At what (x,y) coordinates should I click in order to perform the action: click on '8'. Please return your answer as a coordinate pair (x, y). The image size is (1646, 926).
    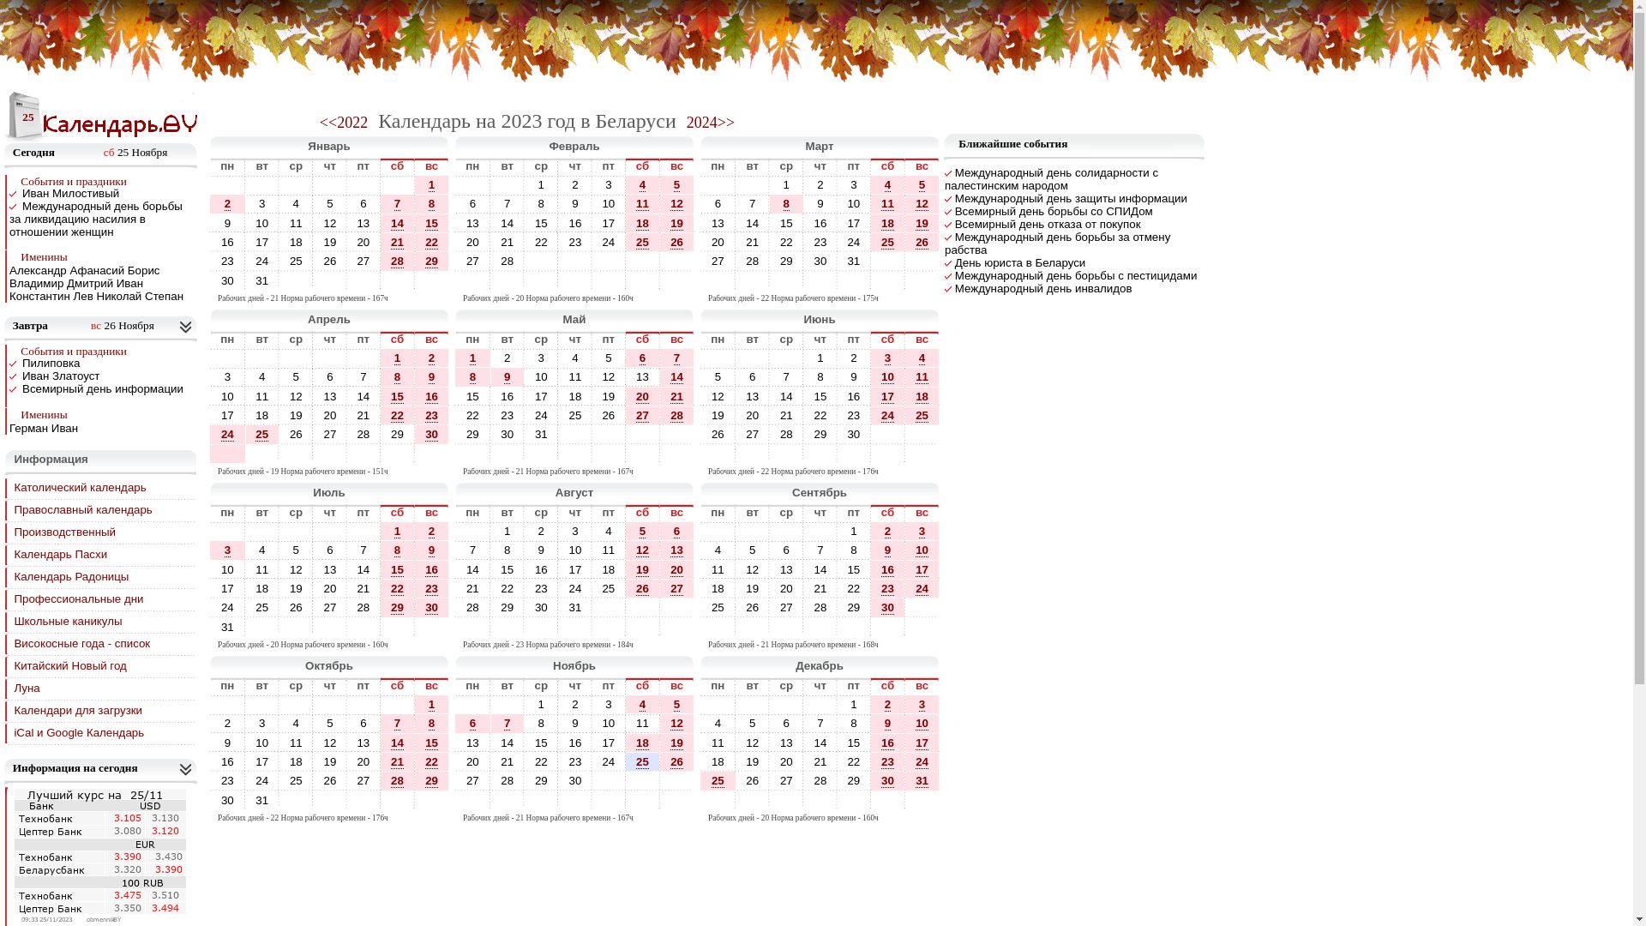
    Looking at the image, I should click on (431, 202).